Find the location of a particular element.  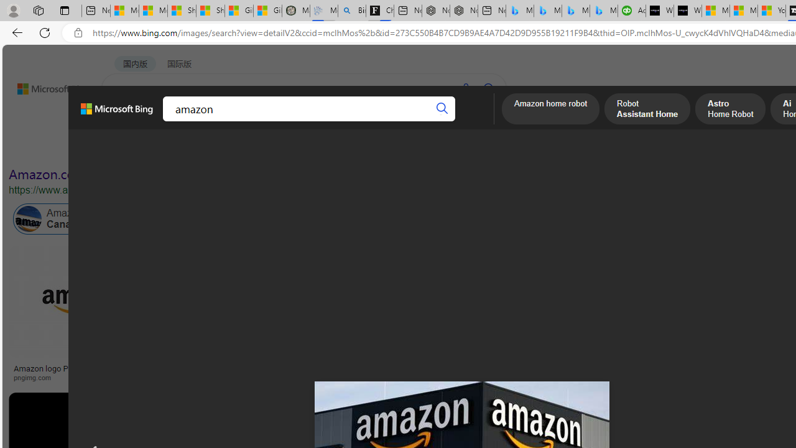

'Back' is located at coordinates (15, 32).